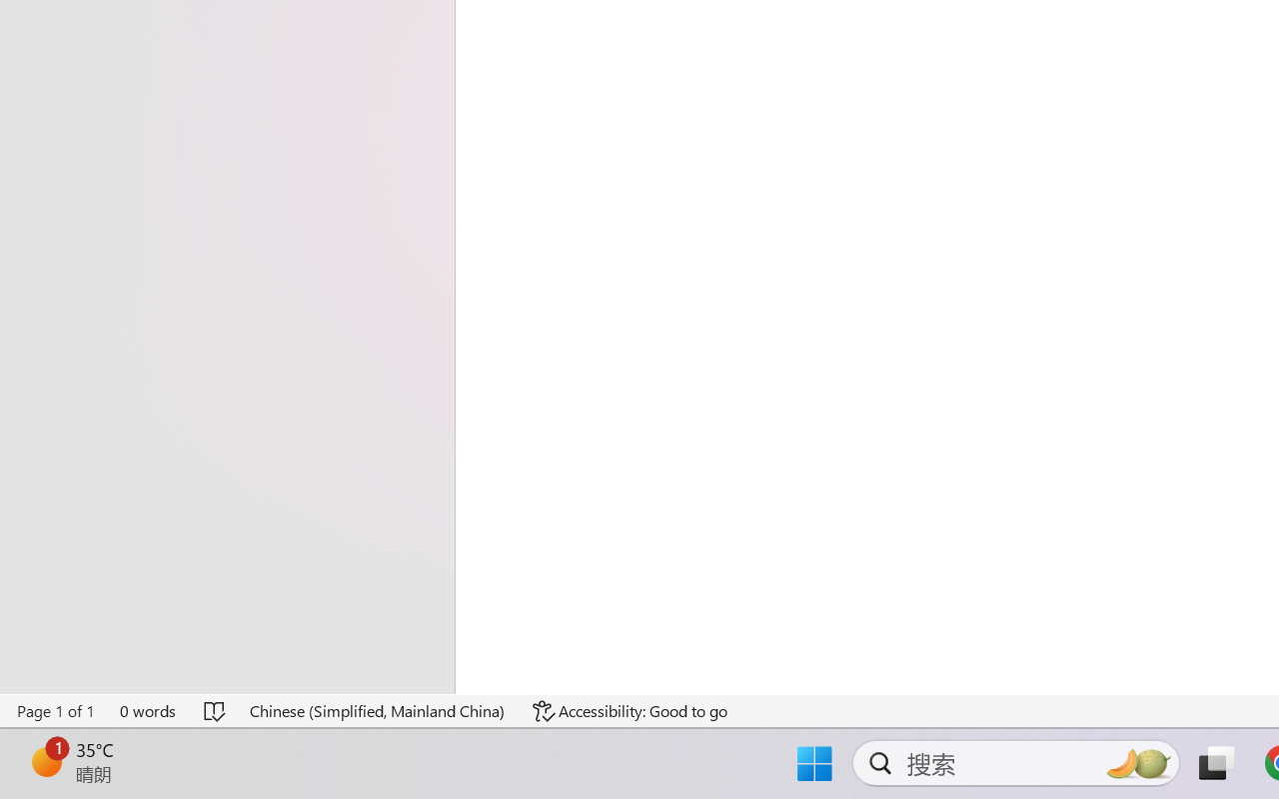  I want to click on 'Language Chinese (Simplified, Mainland China)', so click(378, 710).